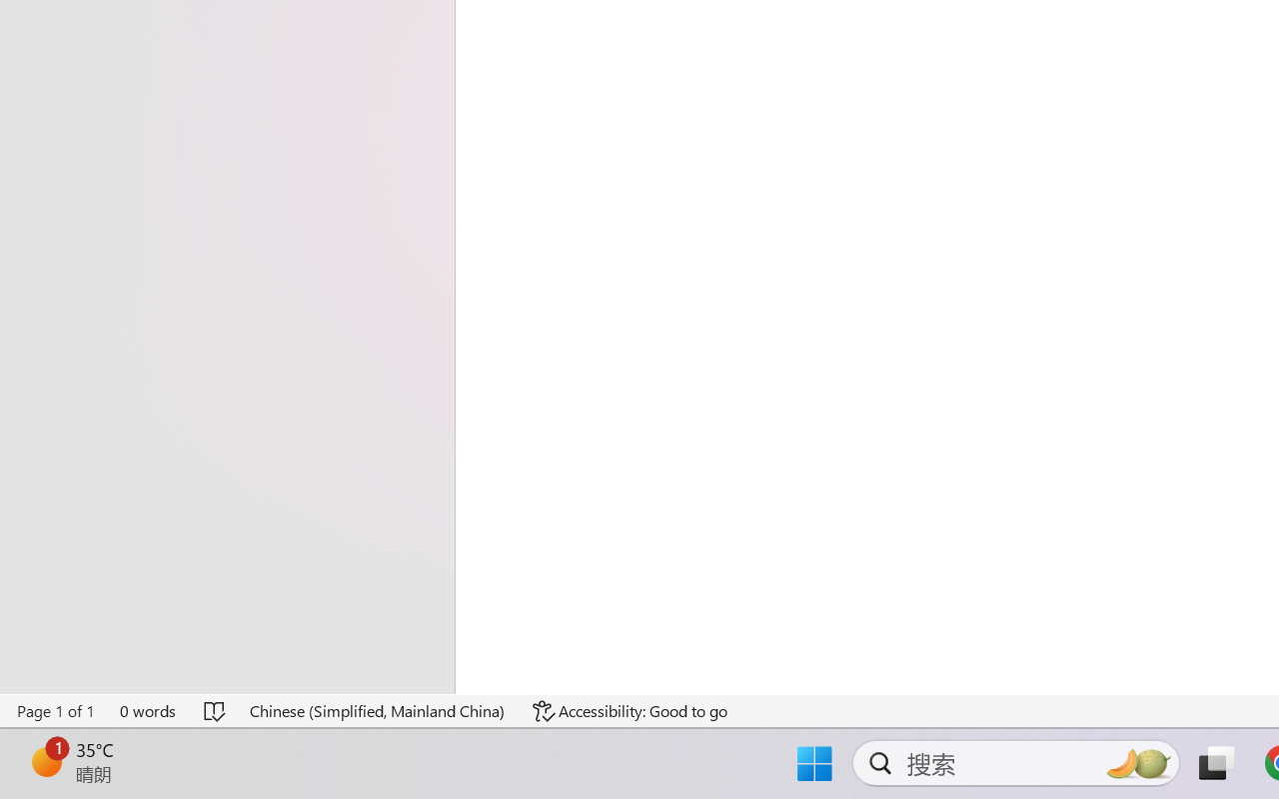  I want to click on 'Language Chinese (Simplified, Mainland China)', so click(378, 710).